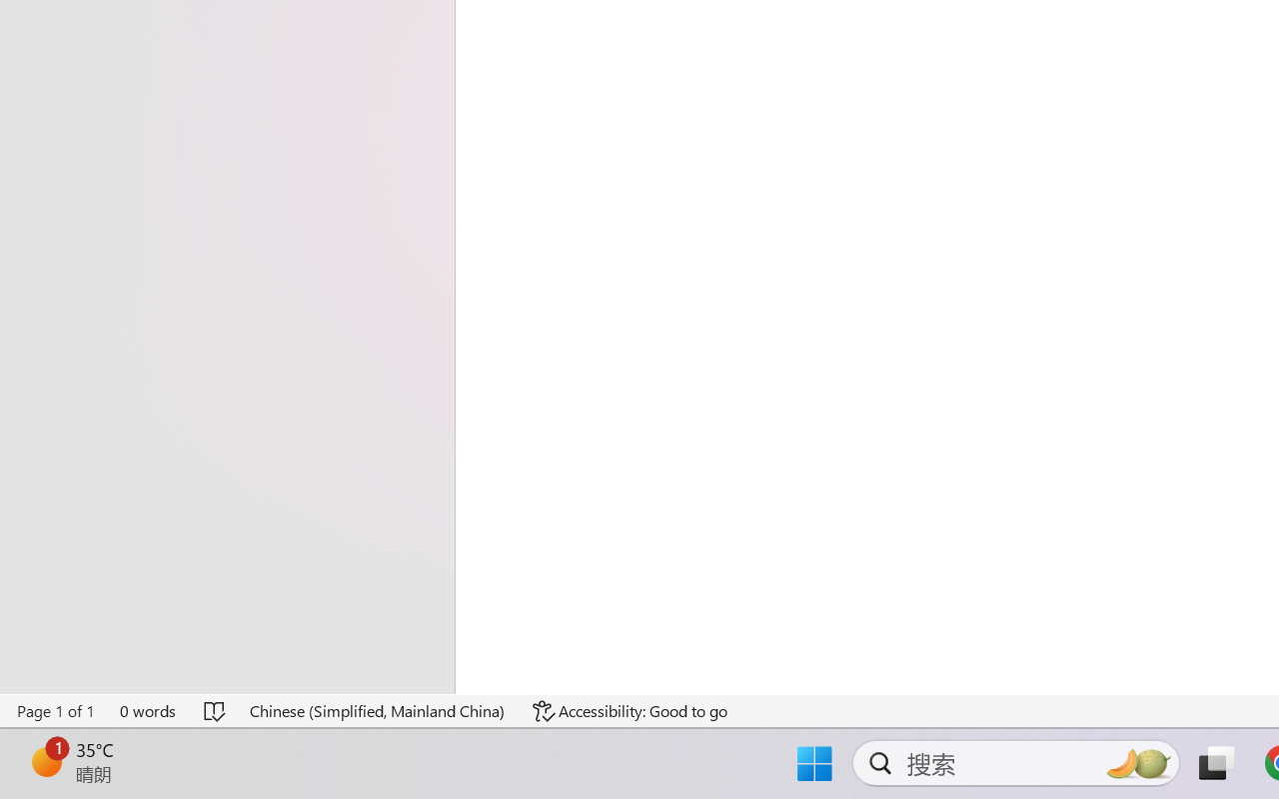  I want to click on 'Language Chinese (Simplified, Mainland China)', so click(378, 710).